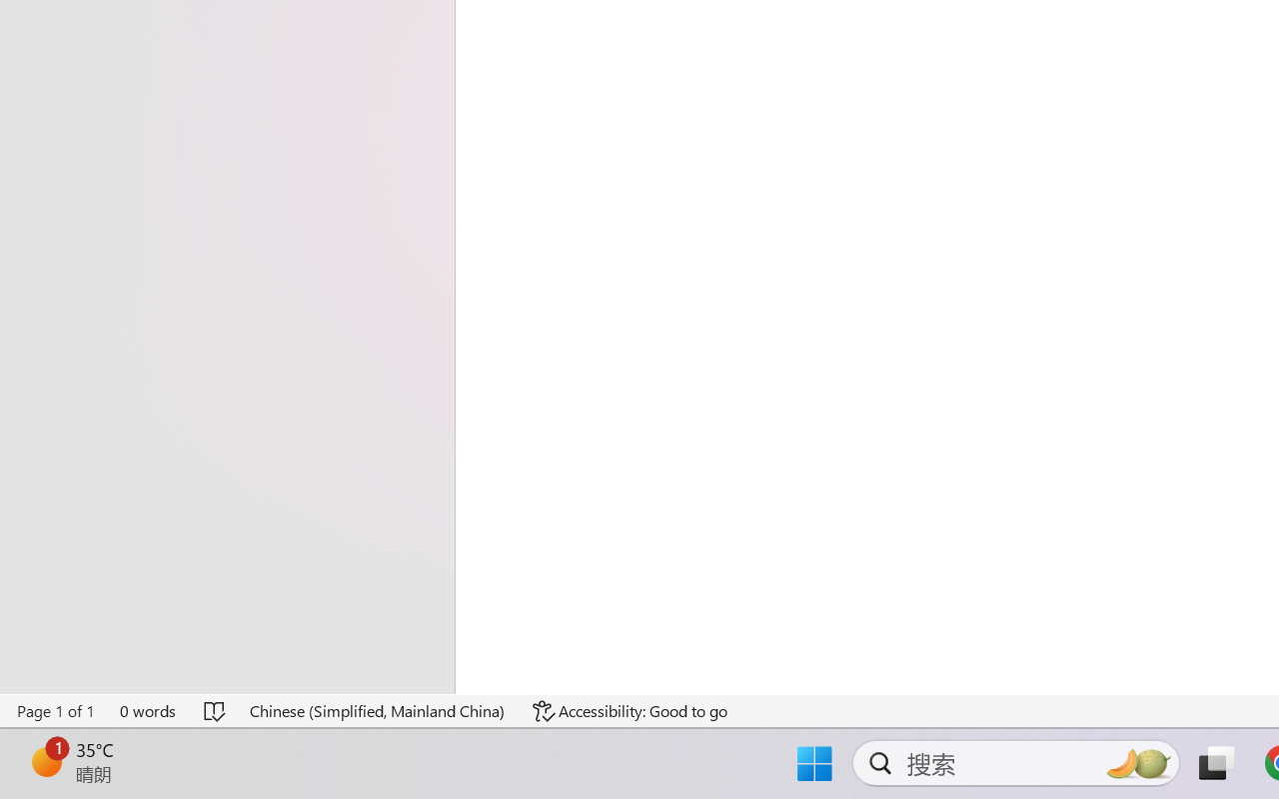  I want to click on 'Language Chinese (Simplified, Mainland China)', so click(378, 710).